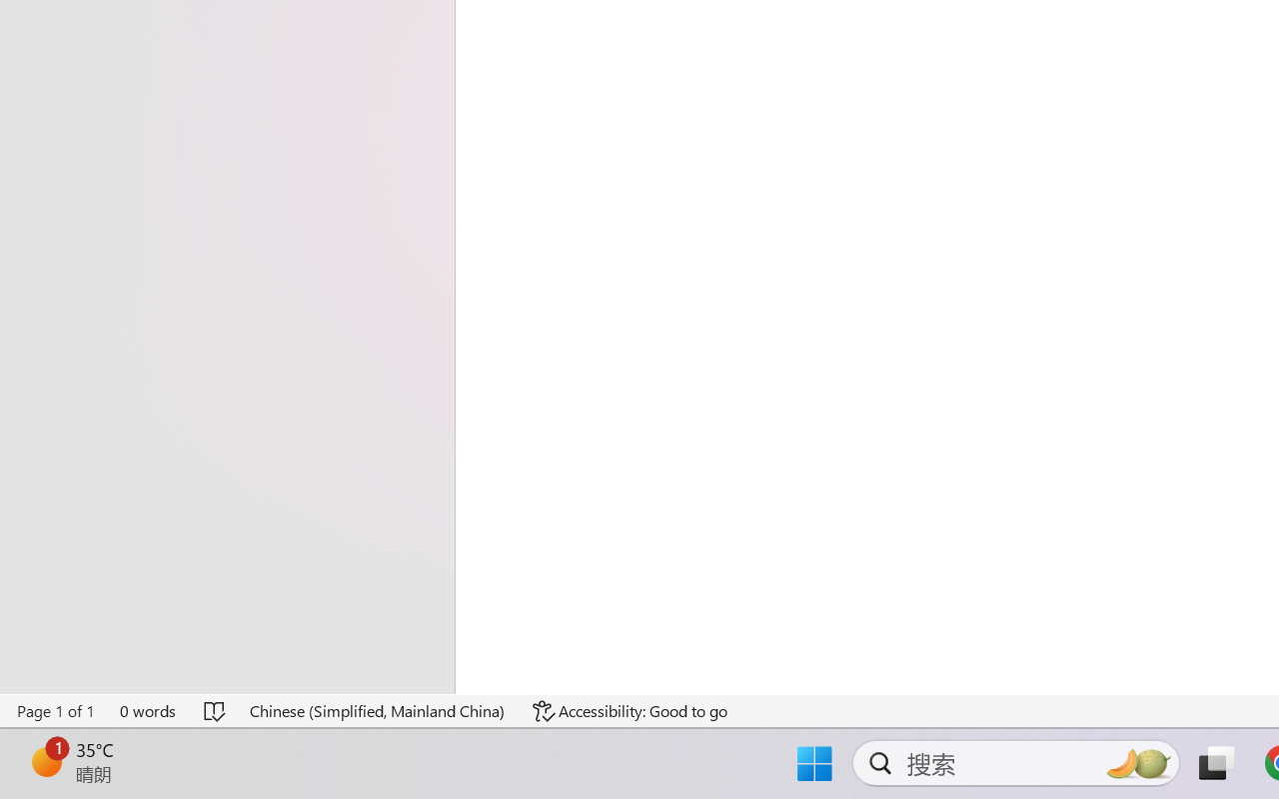  I want to click on 'Language Chinese (Simplified, Mainland China)', so click(378, 710).